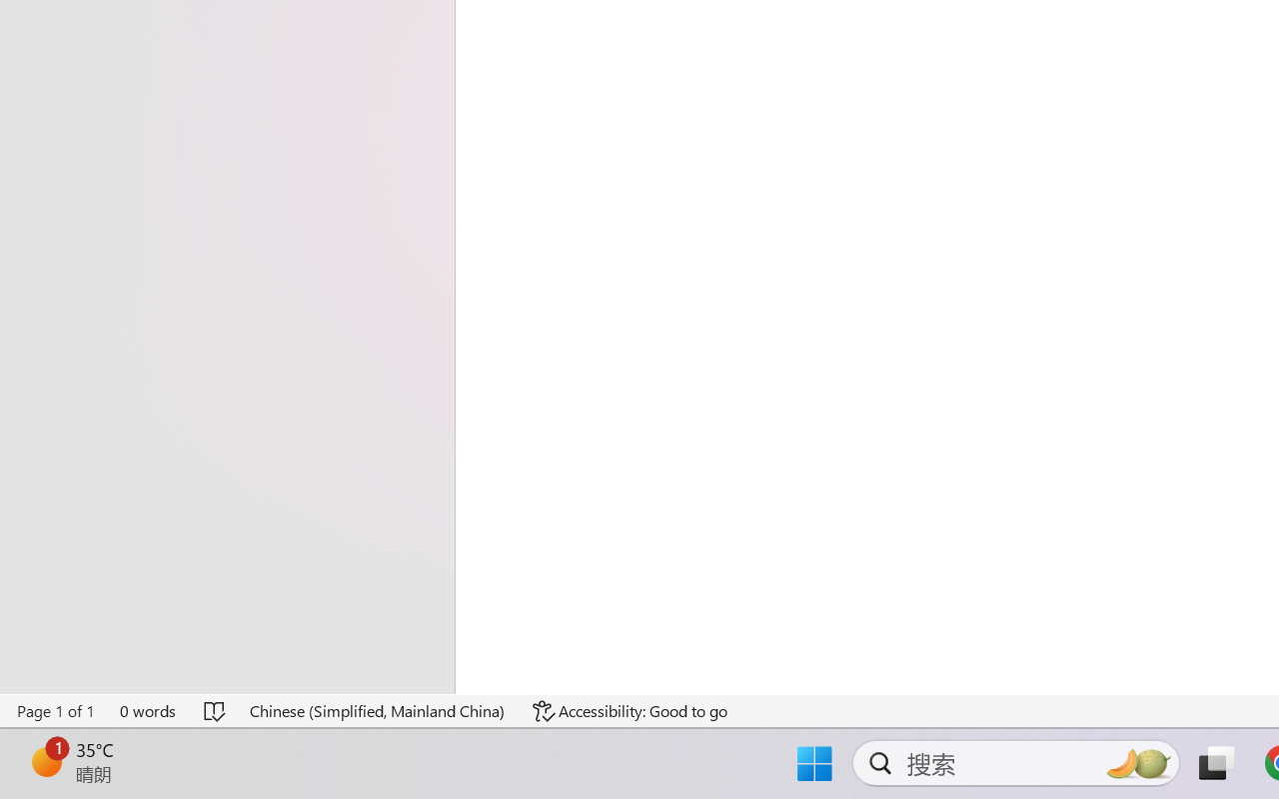  I want to click on 'Language Chinese (Simplified, Mainland China)', so click(378, 710).